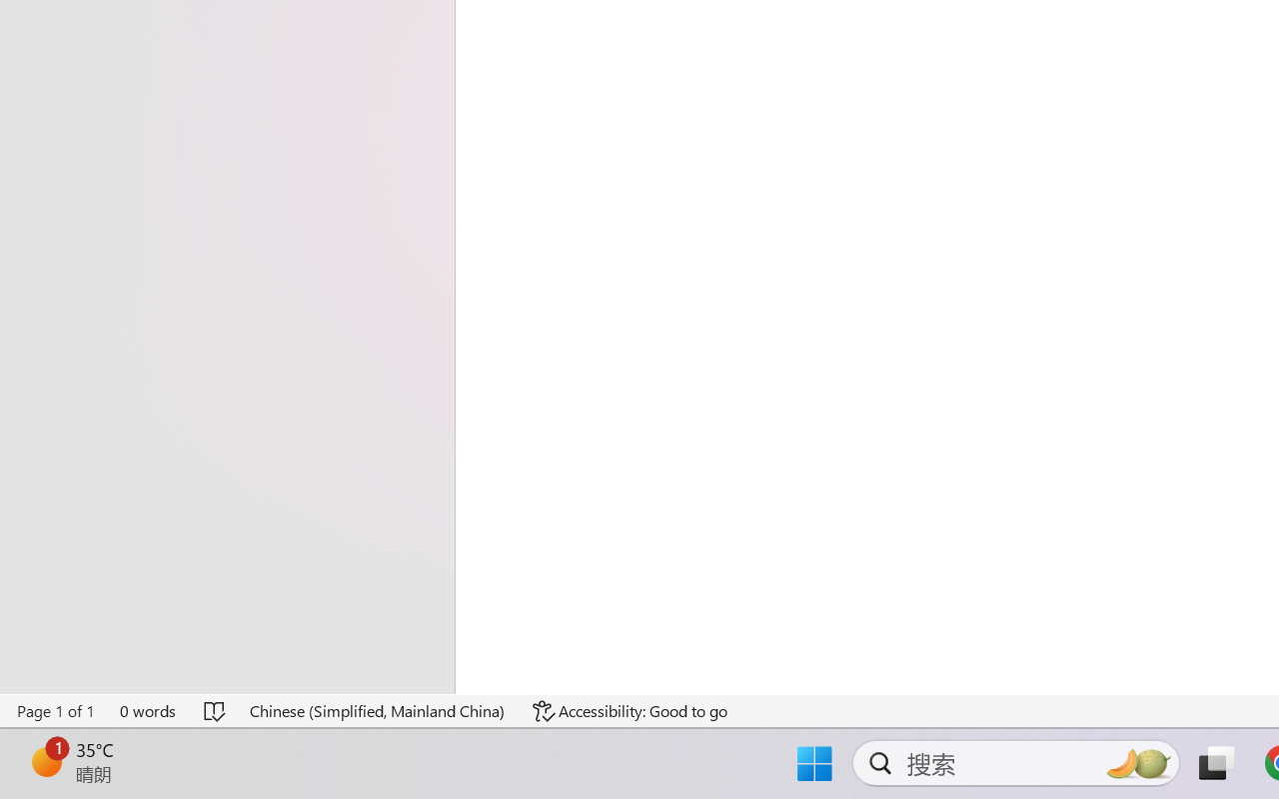  I want to click on 'Language Chinese (Simplified, Mainland China)', so click(378, 710).